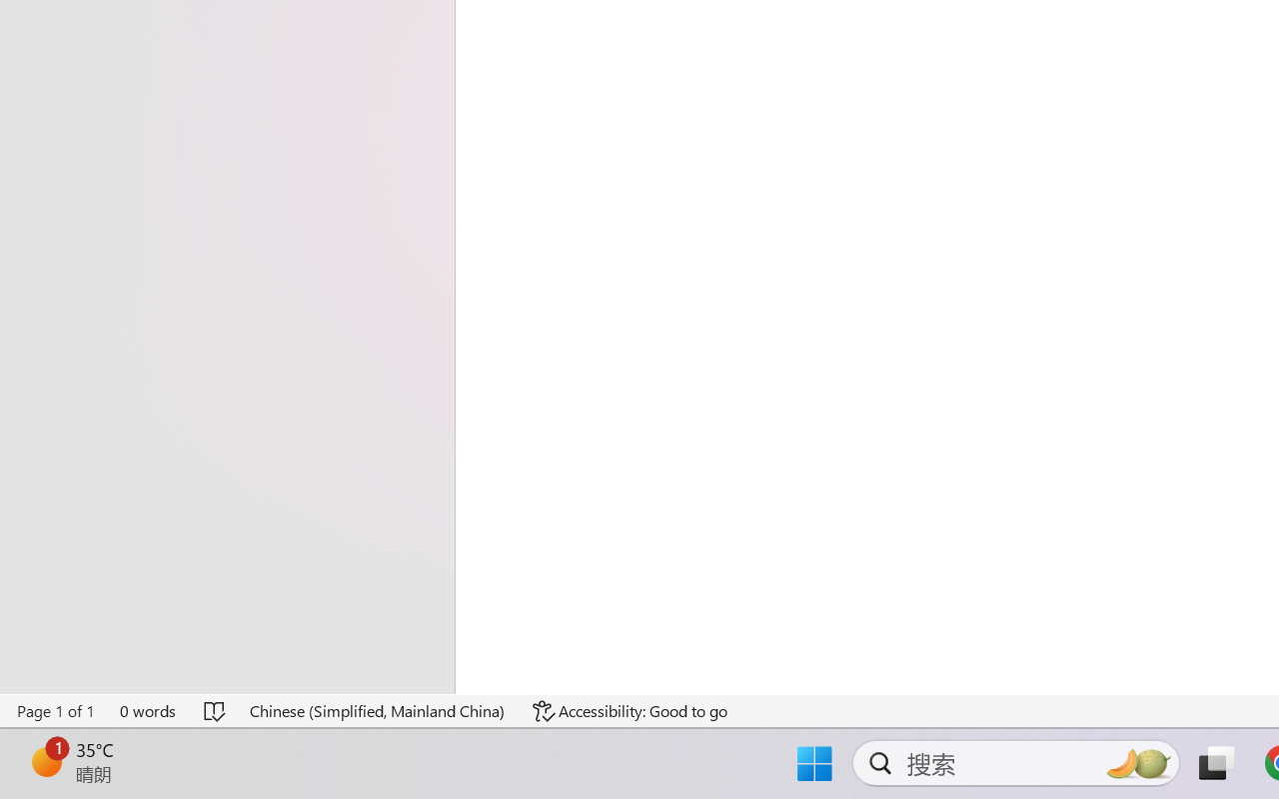  I want to click on 'Language Chinese (Simplified, Mainland China)', so click(378, 710).